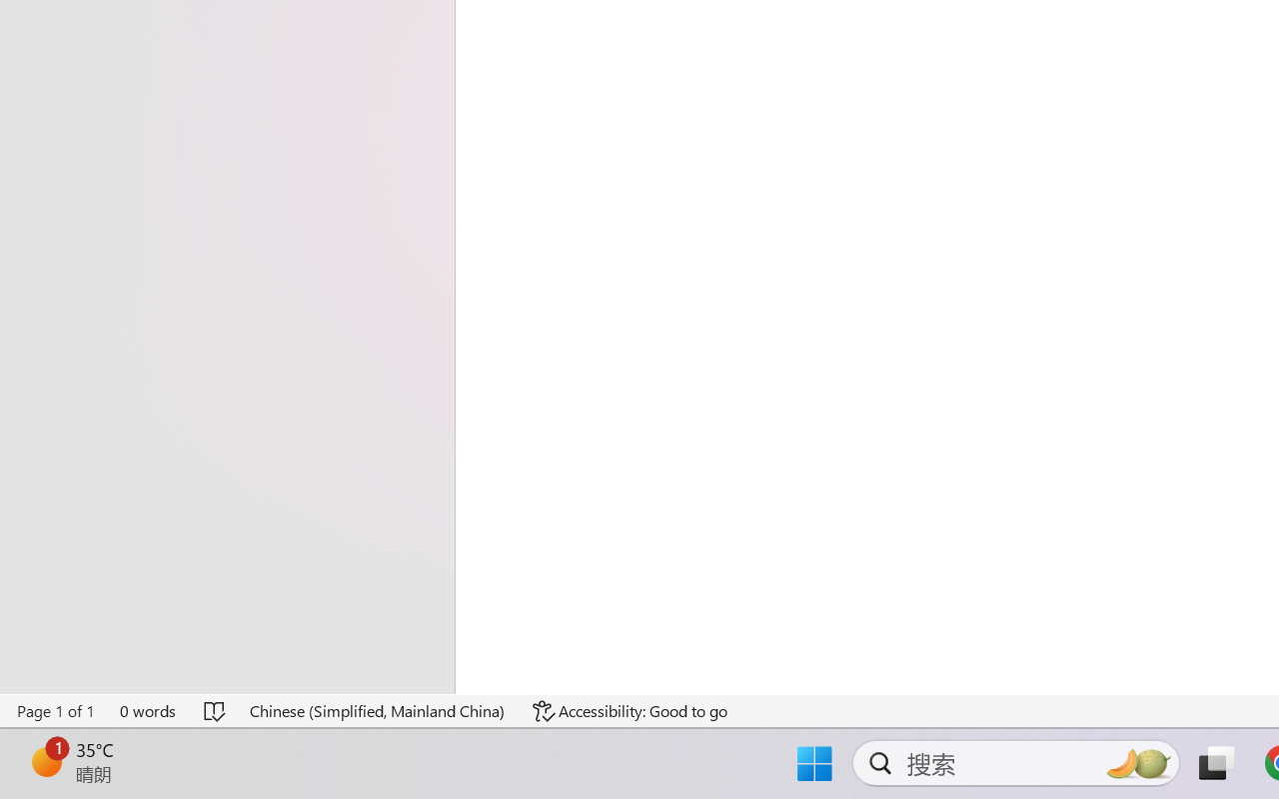  I want to click on 'Language Chinese (Simplified, Mainland China)', so click(378, 710).